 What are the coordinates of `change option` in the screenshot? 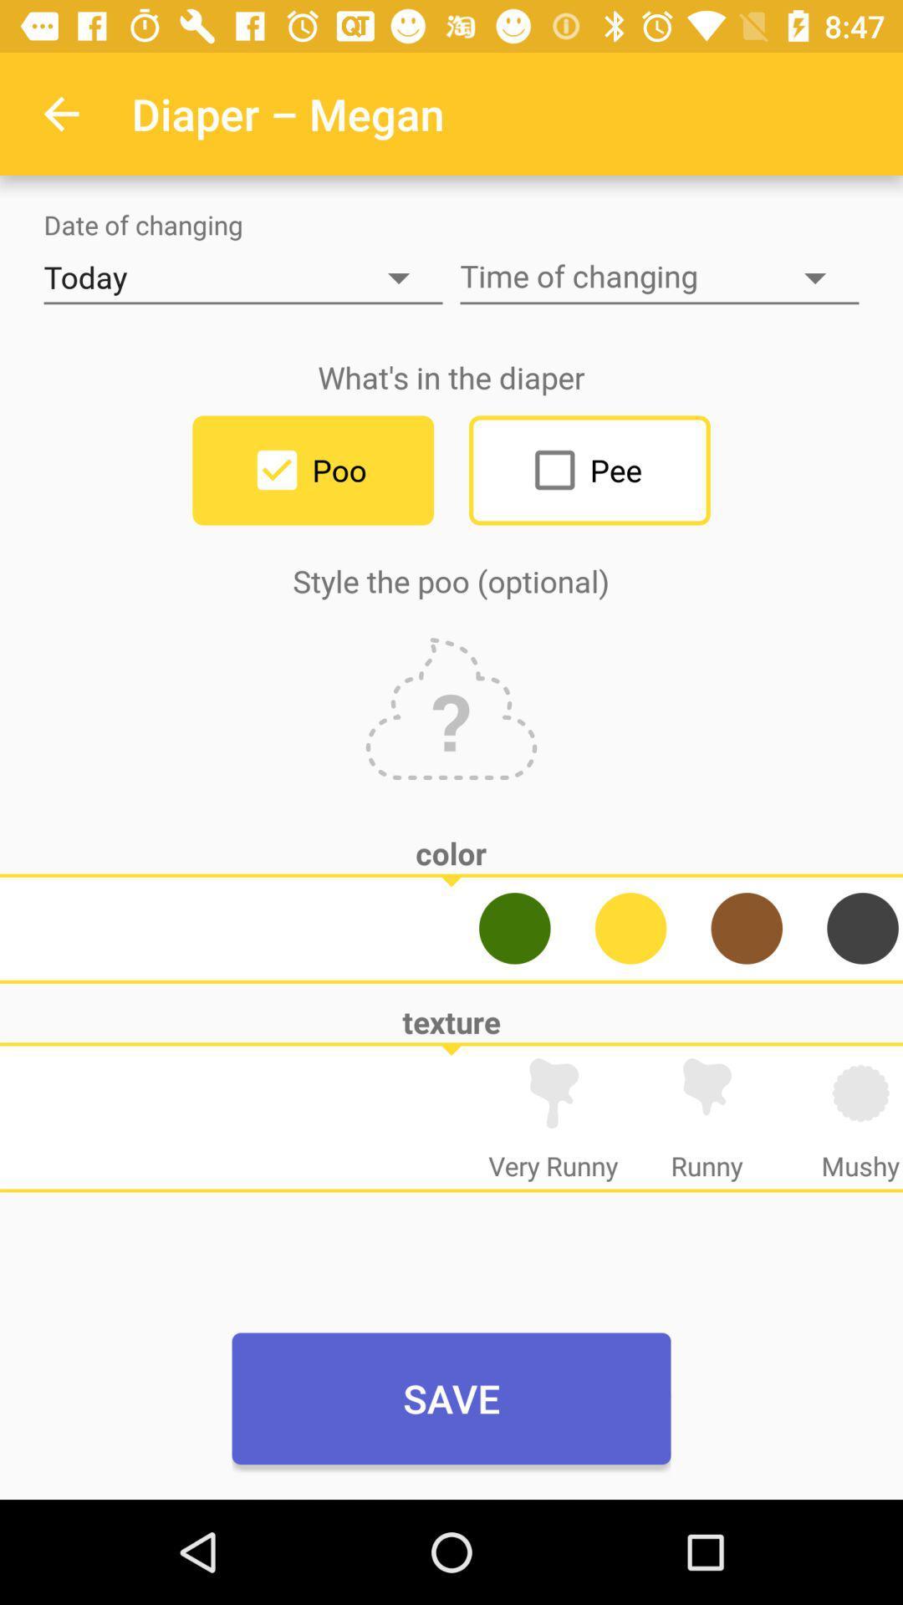 It's located at (630, 927).